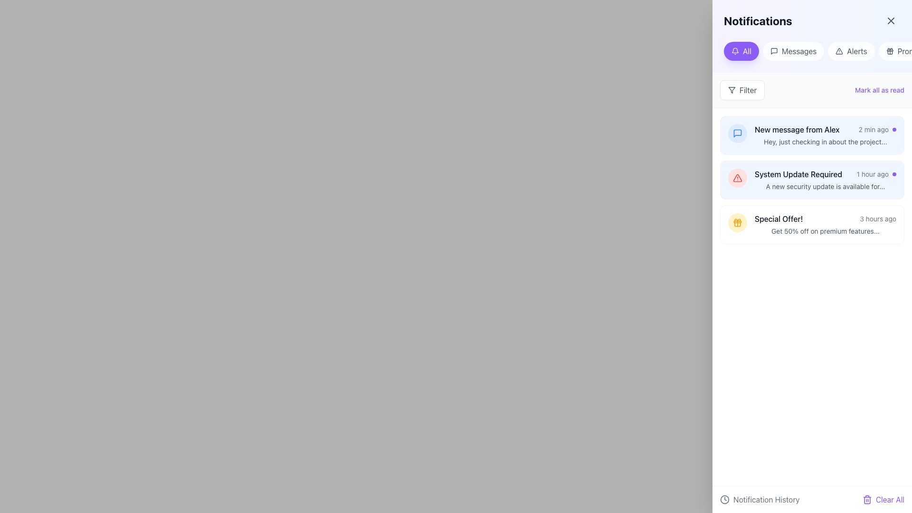 Image resolution: width=912 pixels, height=513 pixels. Describe the element at coordinates (737, 133) in the screenshot. I see `the speech bubble icon` at that location.